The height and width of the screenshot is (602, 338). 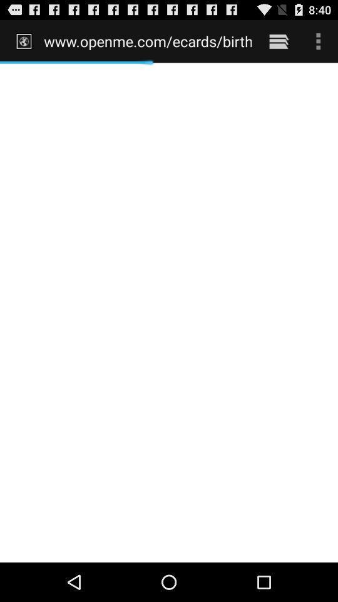 I want to click on item next to www openme com item, so click(x=279, y=41).